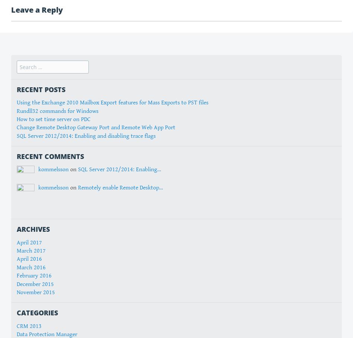  What do you see at coordinates (119, 169) in the screenshot?
I see `'SQL Server 2012/2014: Enabling…'` at bounding box center [119, 169].